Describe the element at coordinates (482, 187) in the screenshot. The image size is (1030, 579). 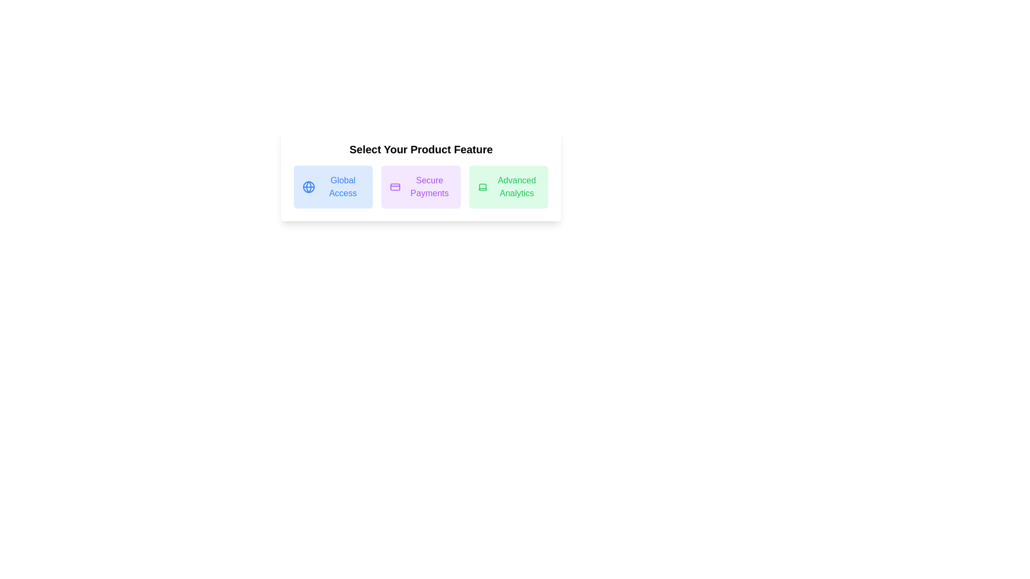
I see `the 'Advanced Analytics' icon, which is the primary icon inside the green box labeled 'Advanced Analytics', located to the far right among three boxes` at that location.